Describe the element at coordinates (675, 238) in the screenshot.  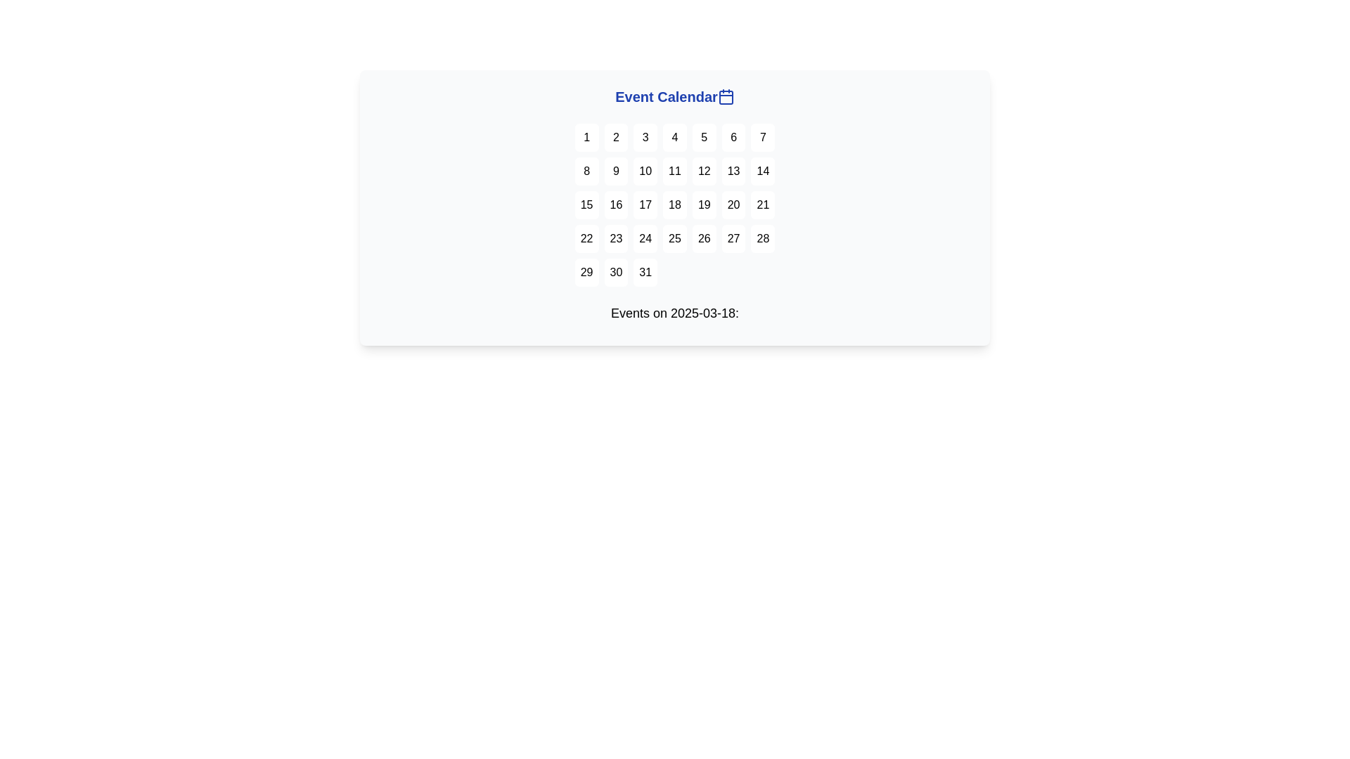
I see `the selectable date button in the calendar interface` at that location.